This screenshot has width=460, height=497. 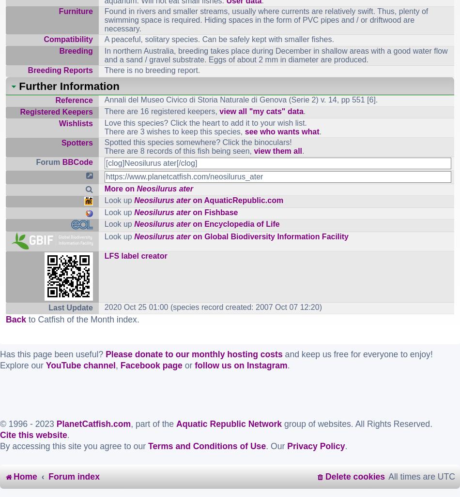 I want to click on 'Aquatic Republic Network', so click(x=229, y=423).